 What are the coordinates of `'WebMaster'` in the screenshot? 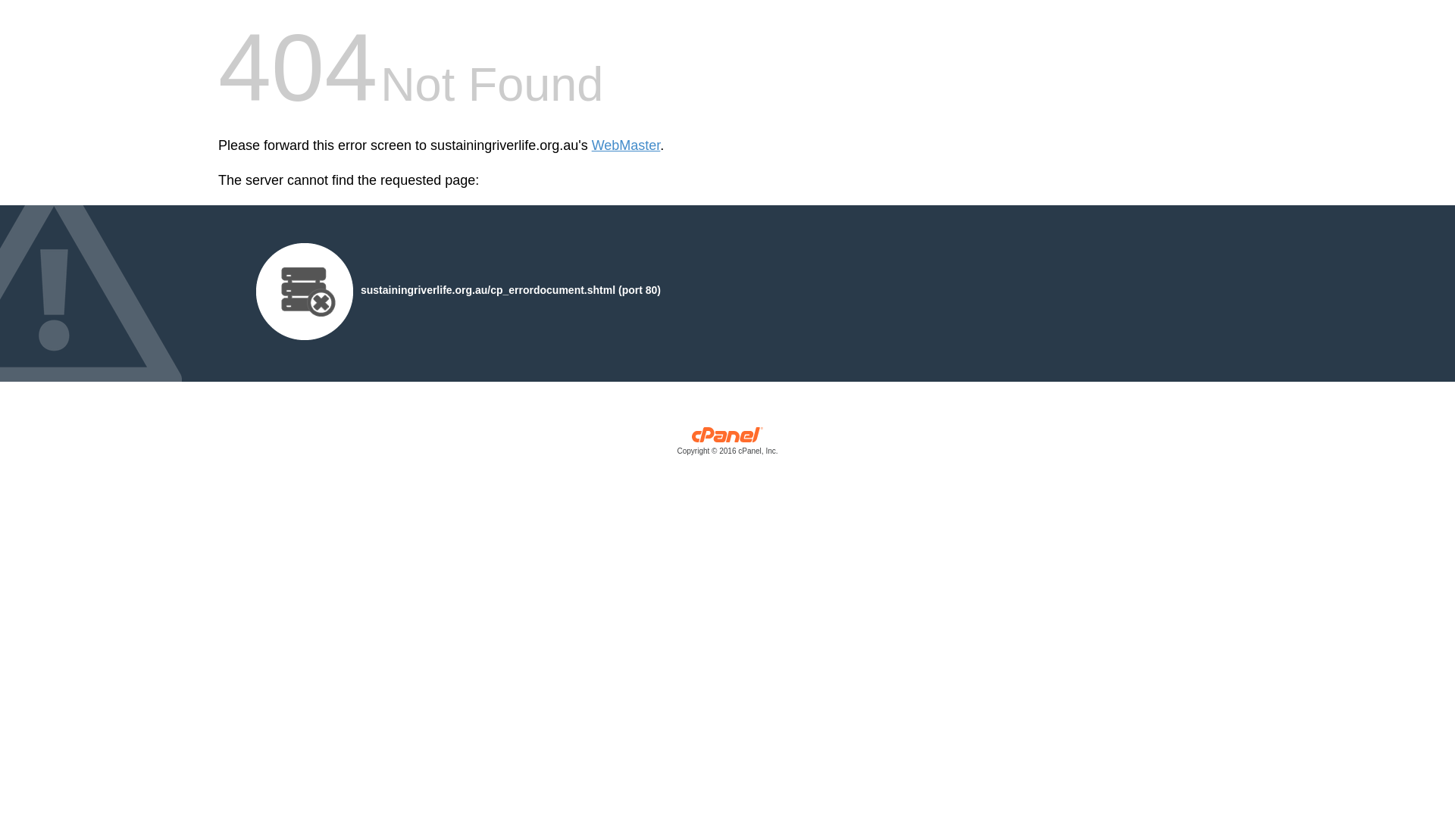 It's located at (626, 145).